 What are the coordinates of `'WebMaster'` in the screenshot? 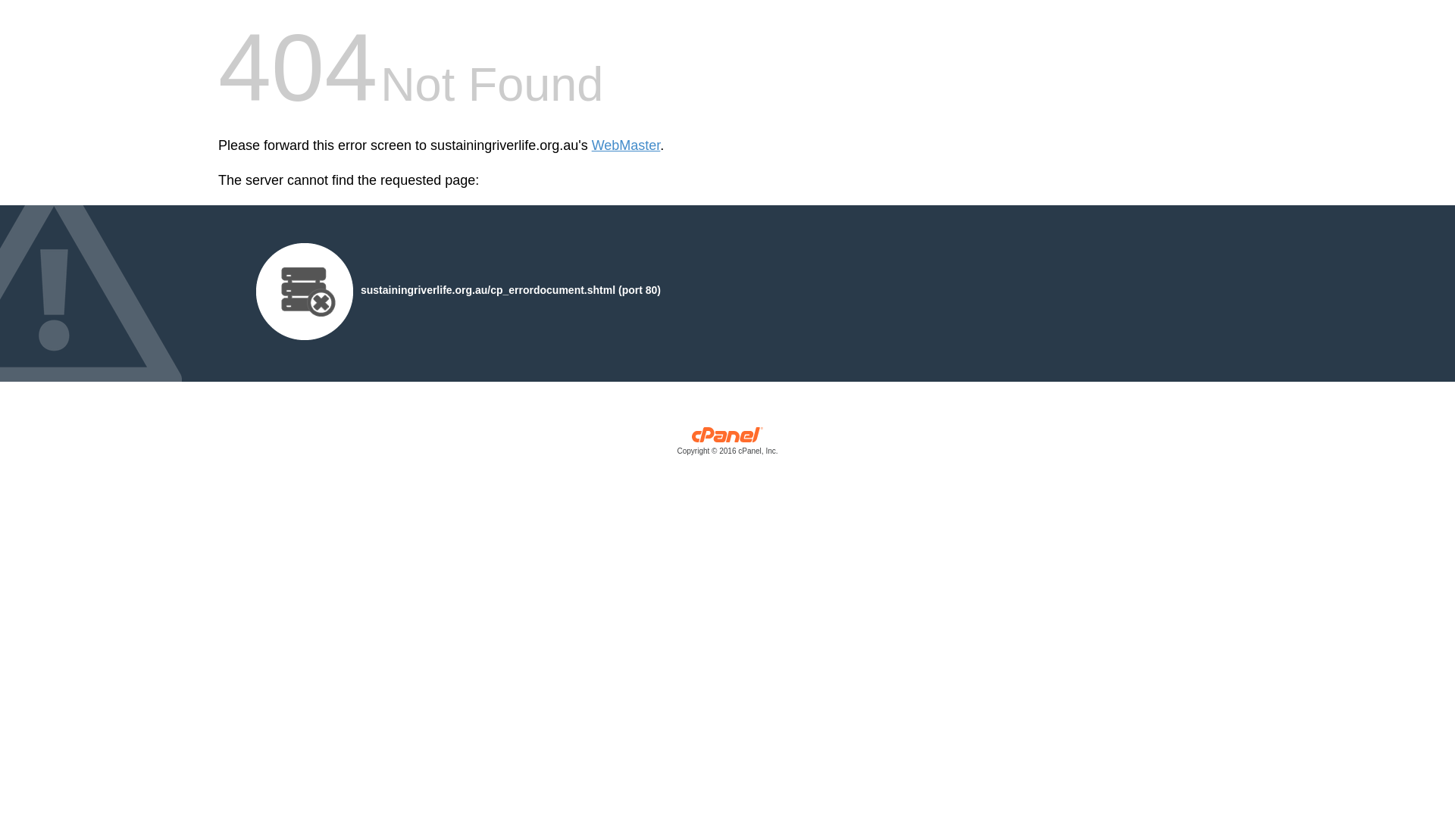 It's located at (626, 145).